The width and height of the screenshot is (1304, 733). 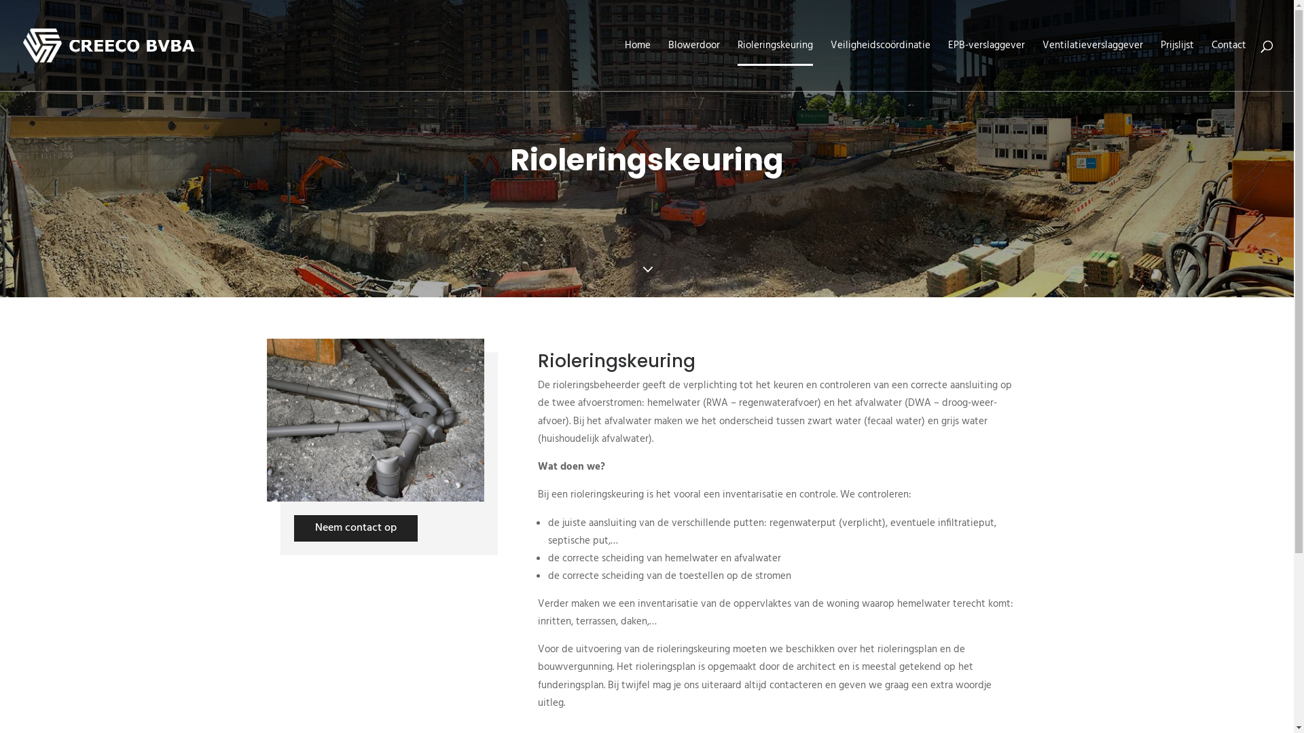 I want to click on 'Blowerdoor', so click(x=668, y=65).